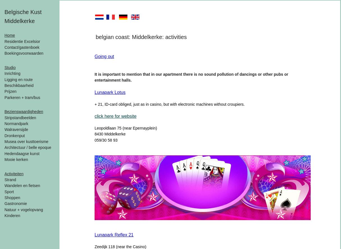  What do you see at coordinates (4, 111) in the screenshot?
I see `'Bezienswaardigheden'` at bounding box center [4, 111].